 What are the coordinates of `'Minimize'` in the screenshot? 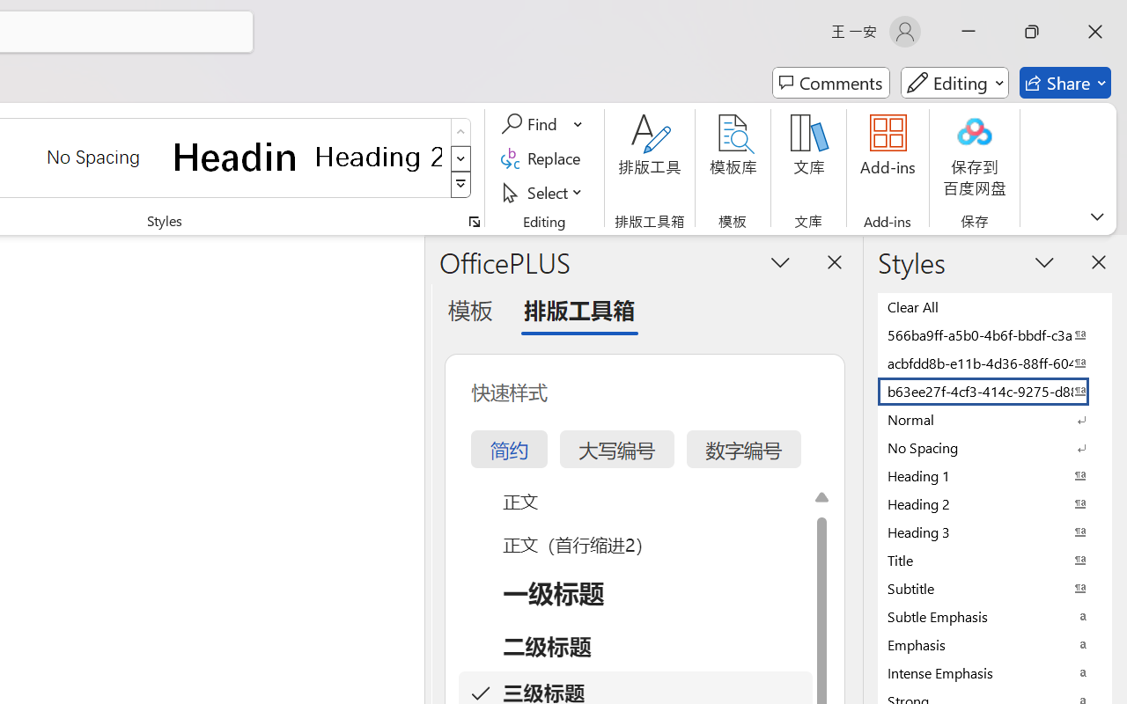 It's located at (968, 31).